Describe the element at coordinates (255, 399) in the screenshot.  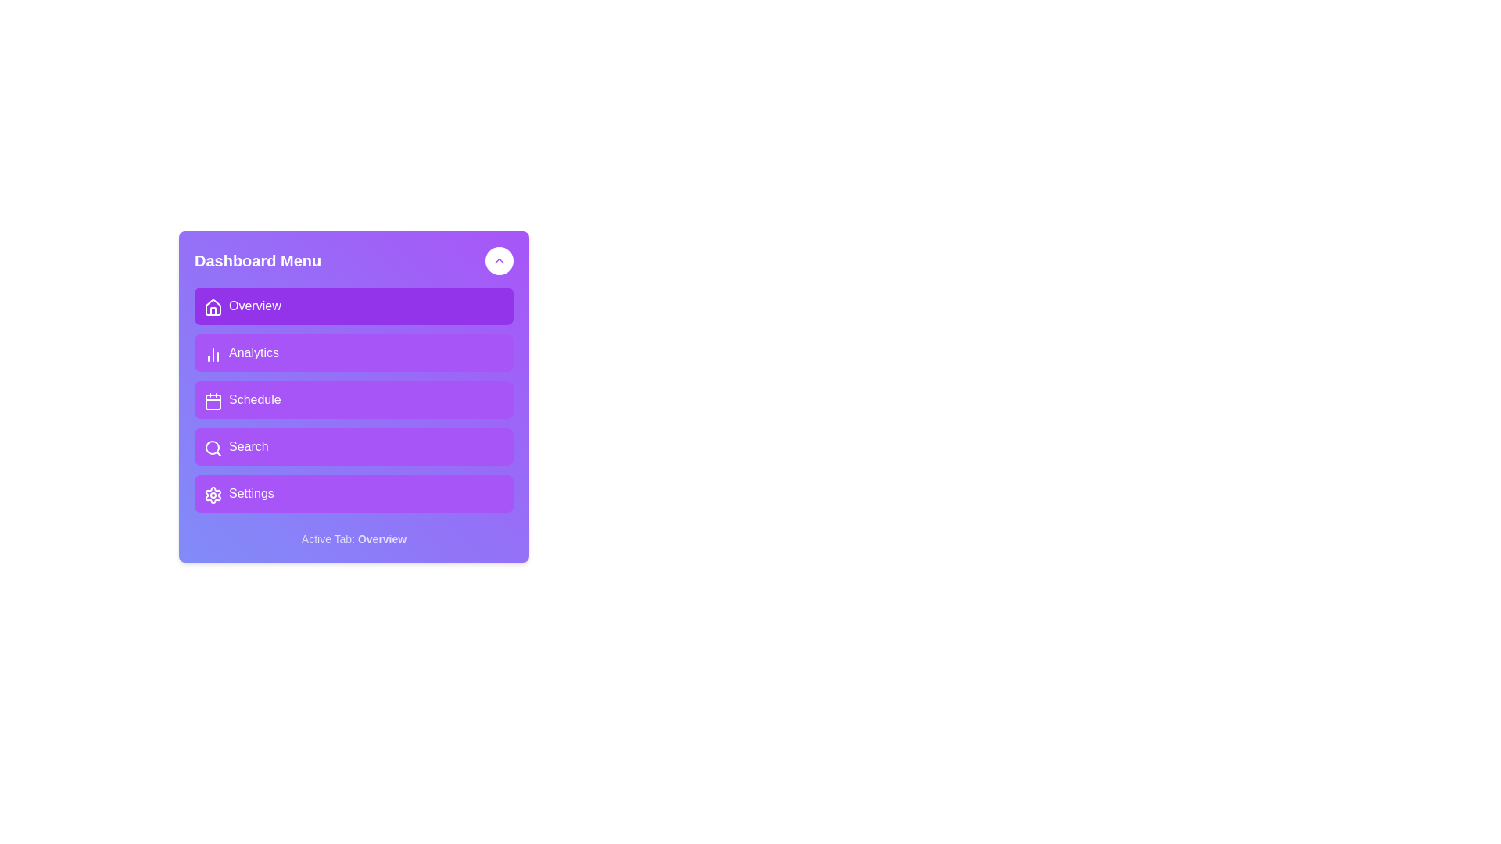
I see `text of the 'Schedule' label located in the navigation menu under the 'Dashboard Menu' heading, which is the third item in the vertical list of menu options` at that location.